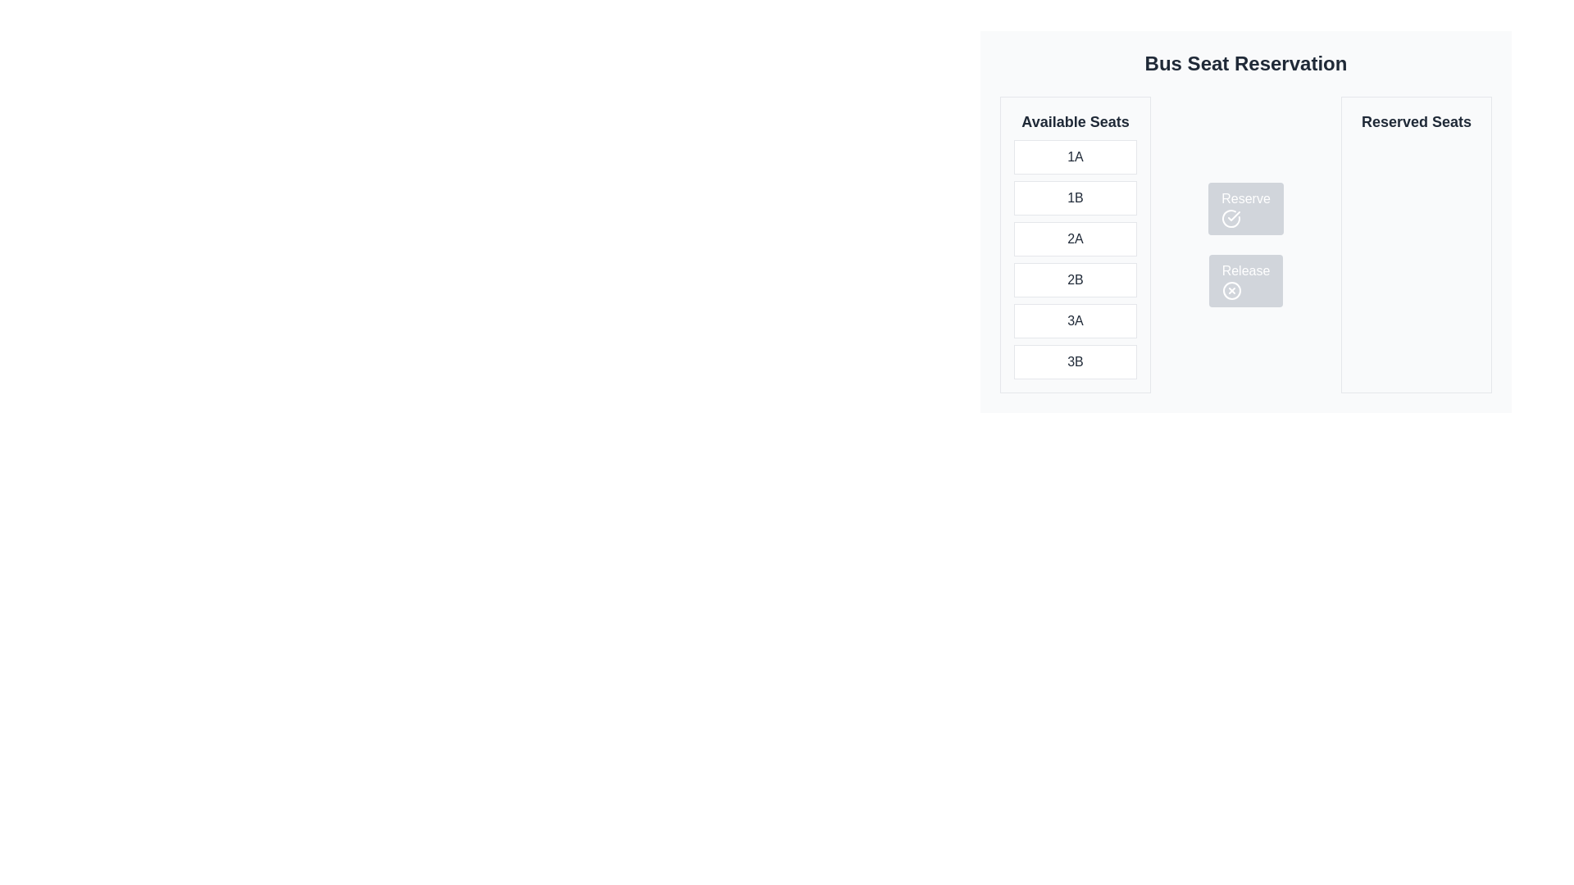  I want to click on the first button in the 'Reserve Release' panel that initiates the reservation process, so click(1246, 207).